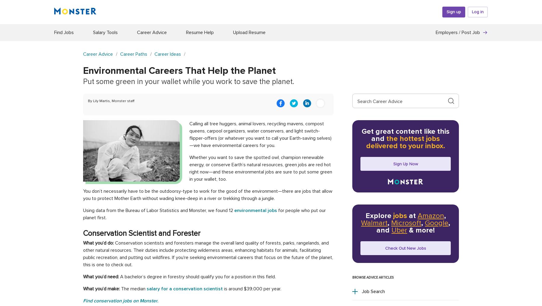 Image resolution: width=542 pixels, height=306 pixels. What do you see at coordinates (249, 33) in the screenshot?
I see `'Upload Resume'` at bounding box center [249, 33].